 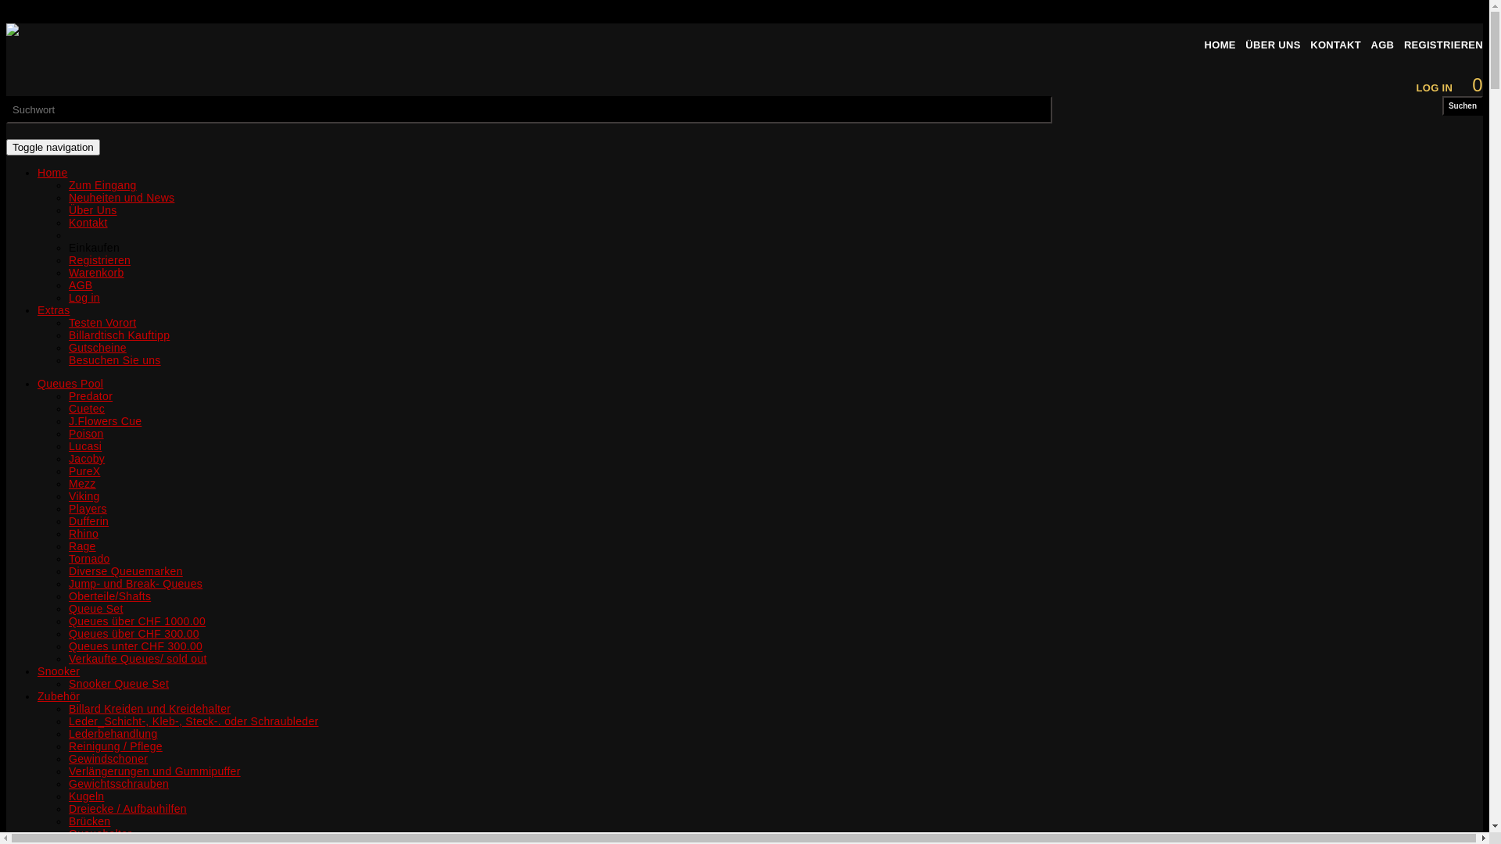 What do you see at coordinates (83, 298) in the screenshot?
I see `'Log in'` at bounding box center [83, 298].